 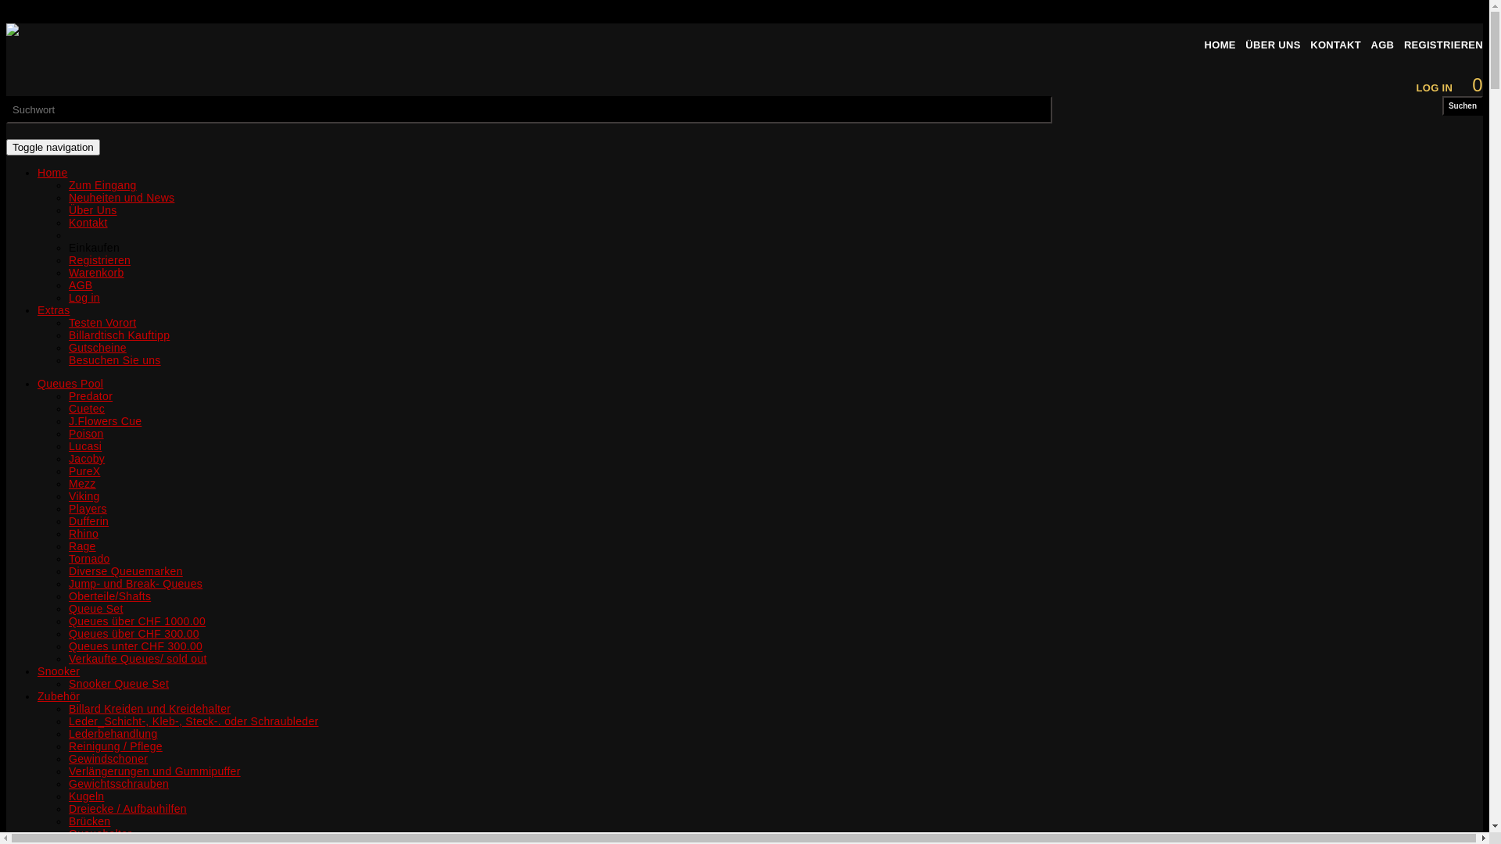 What do you see at coordinates (83, 298) in the screenshot?
I see `'Log in'` at bounding box center [83, 298].